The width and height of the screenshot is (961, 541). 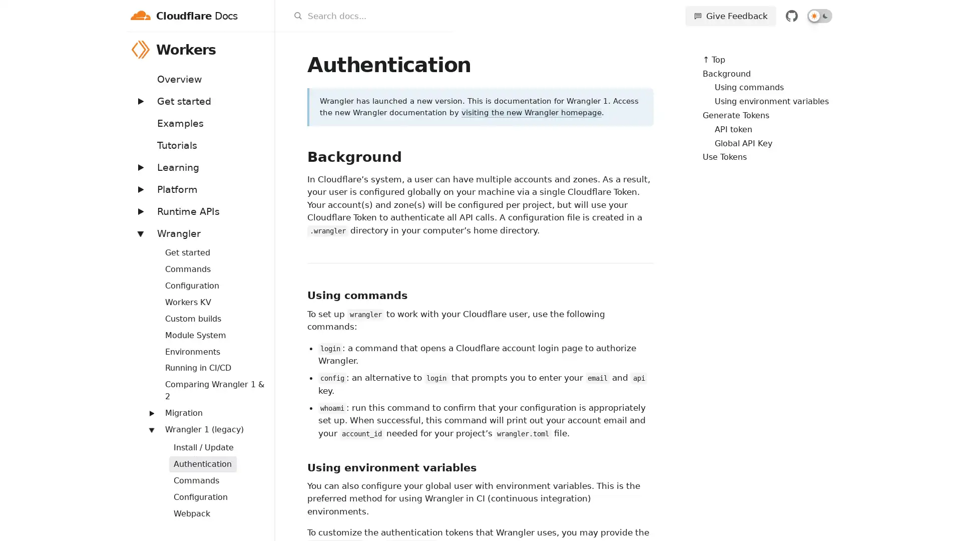 What do you see at coordinates (730, 16) in the screenshot?
I see `Give Feedback` at bounding box center [730, 16].